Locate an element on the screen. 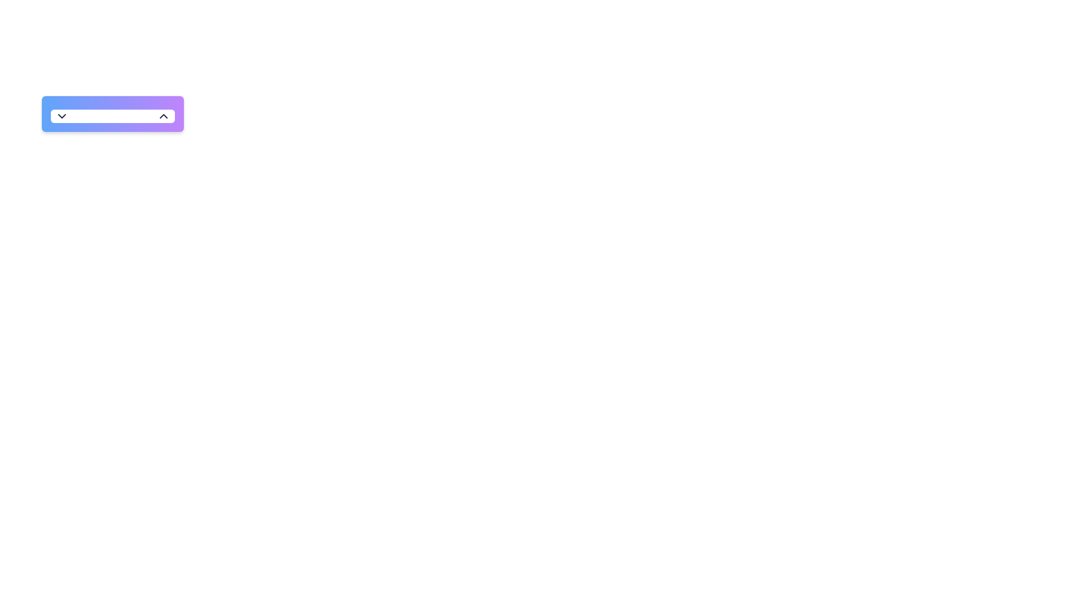  the downward-pointing chevron button, which is styled in a blue and white color scheme, to decrease a value is located at coordinates (61, 116).